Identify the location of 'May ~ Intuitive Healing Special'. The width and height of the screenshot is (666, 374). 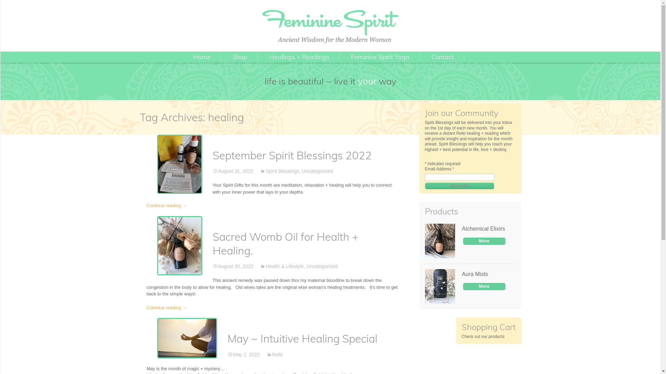
(302, 338).